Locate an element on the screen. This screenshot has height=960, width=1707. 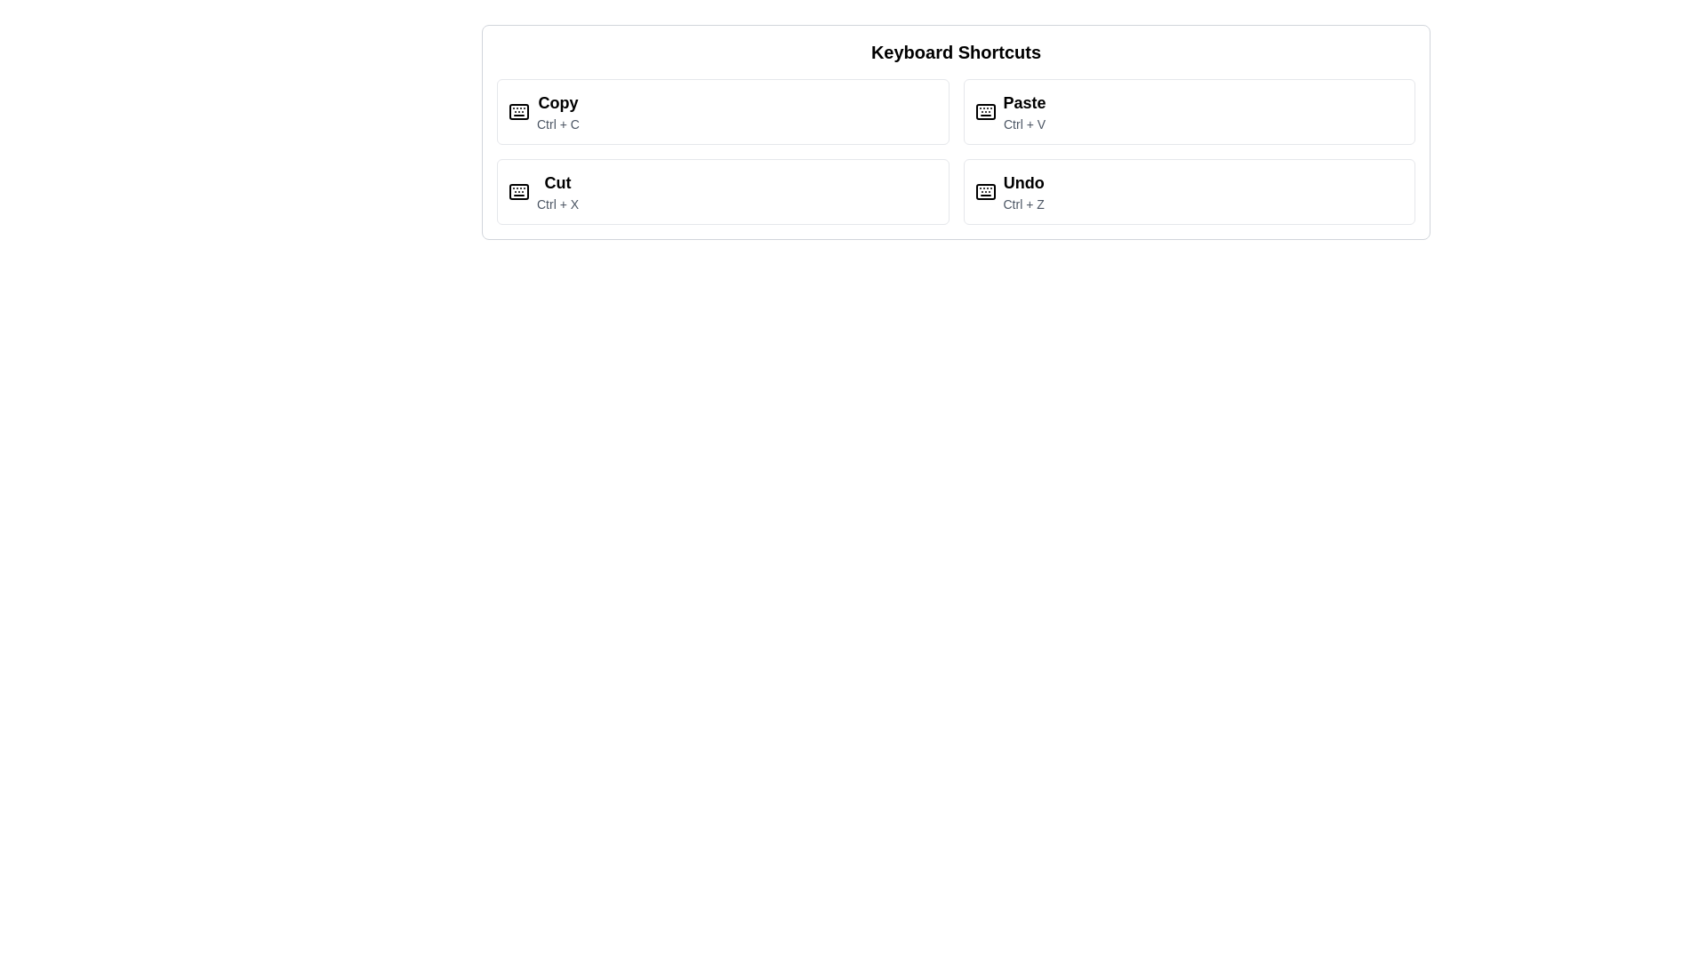
the text label indicating the keyboard shortcut for the 'Copy' command, which is located in the upper-left section of the interface, under the 'Copy' label in a two-column shortcut list is located at coordinates (557, 123).